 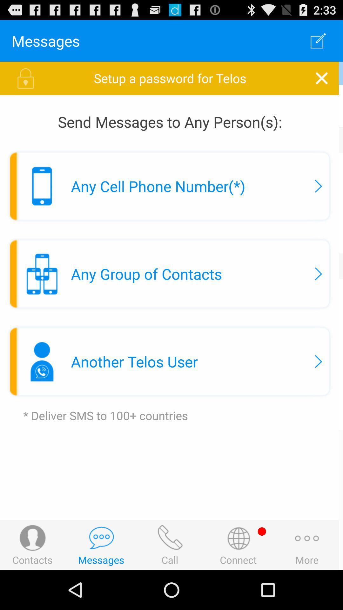 I want to click on the app next to messages icon, so click(x=320, y=40).